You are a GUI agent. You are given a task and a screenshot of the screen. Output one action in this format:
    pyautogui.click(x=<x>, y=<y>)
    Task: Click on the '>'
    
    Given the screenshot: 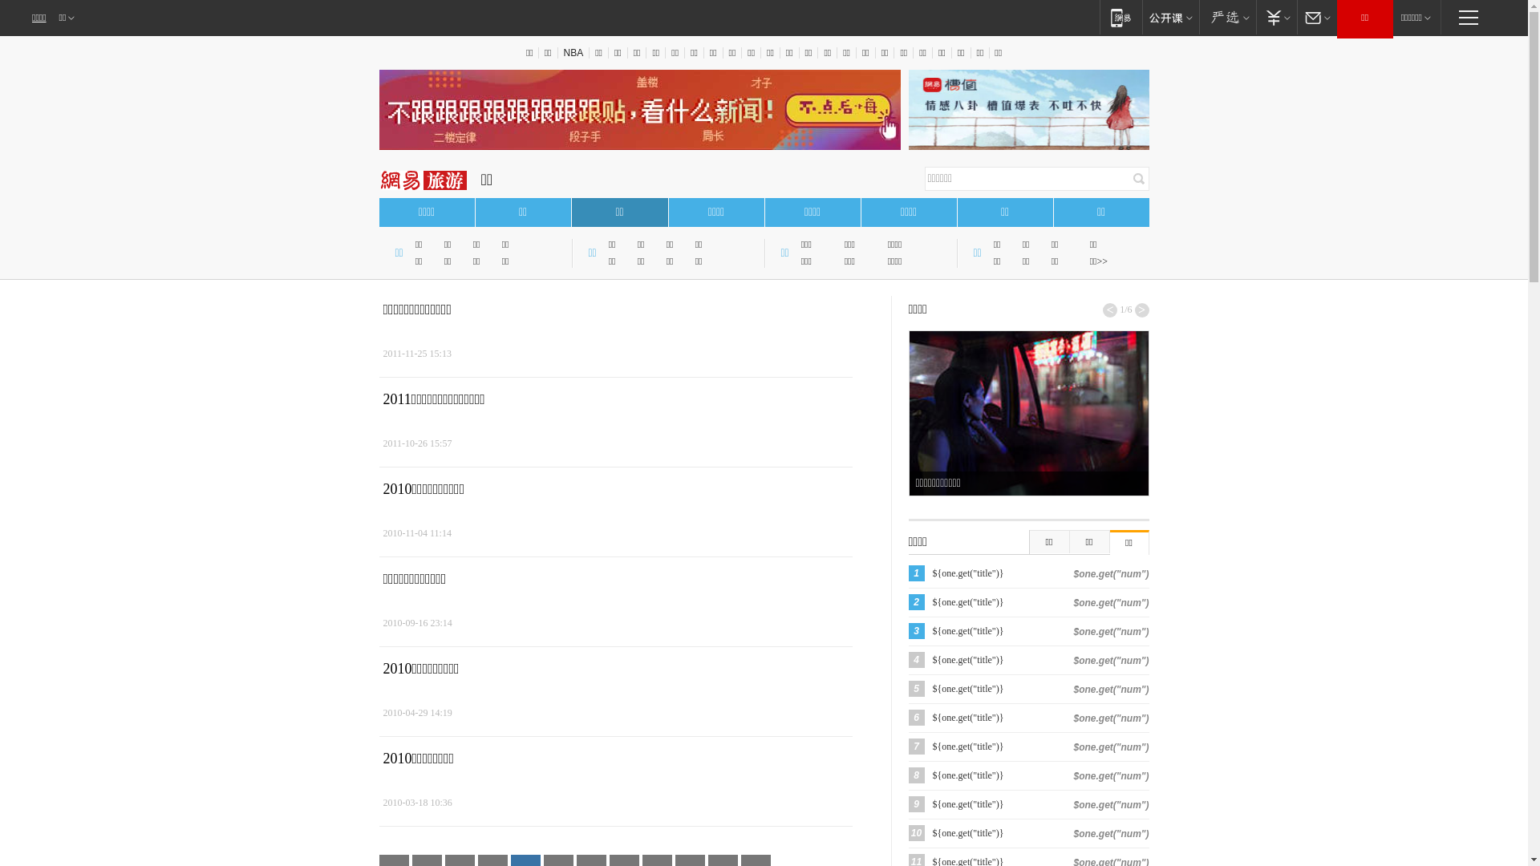 What is the action you would take?
    pyautogui.click(x=1140, y=310)
    